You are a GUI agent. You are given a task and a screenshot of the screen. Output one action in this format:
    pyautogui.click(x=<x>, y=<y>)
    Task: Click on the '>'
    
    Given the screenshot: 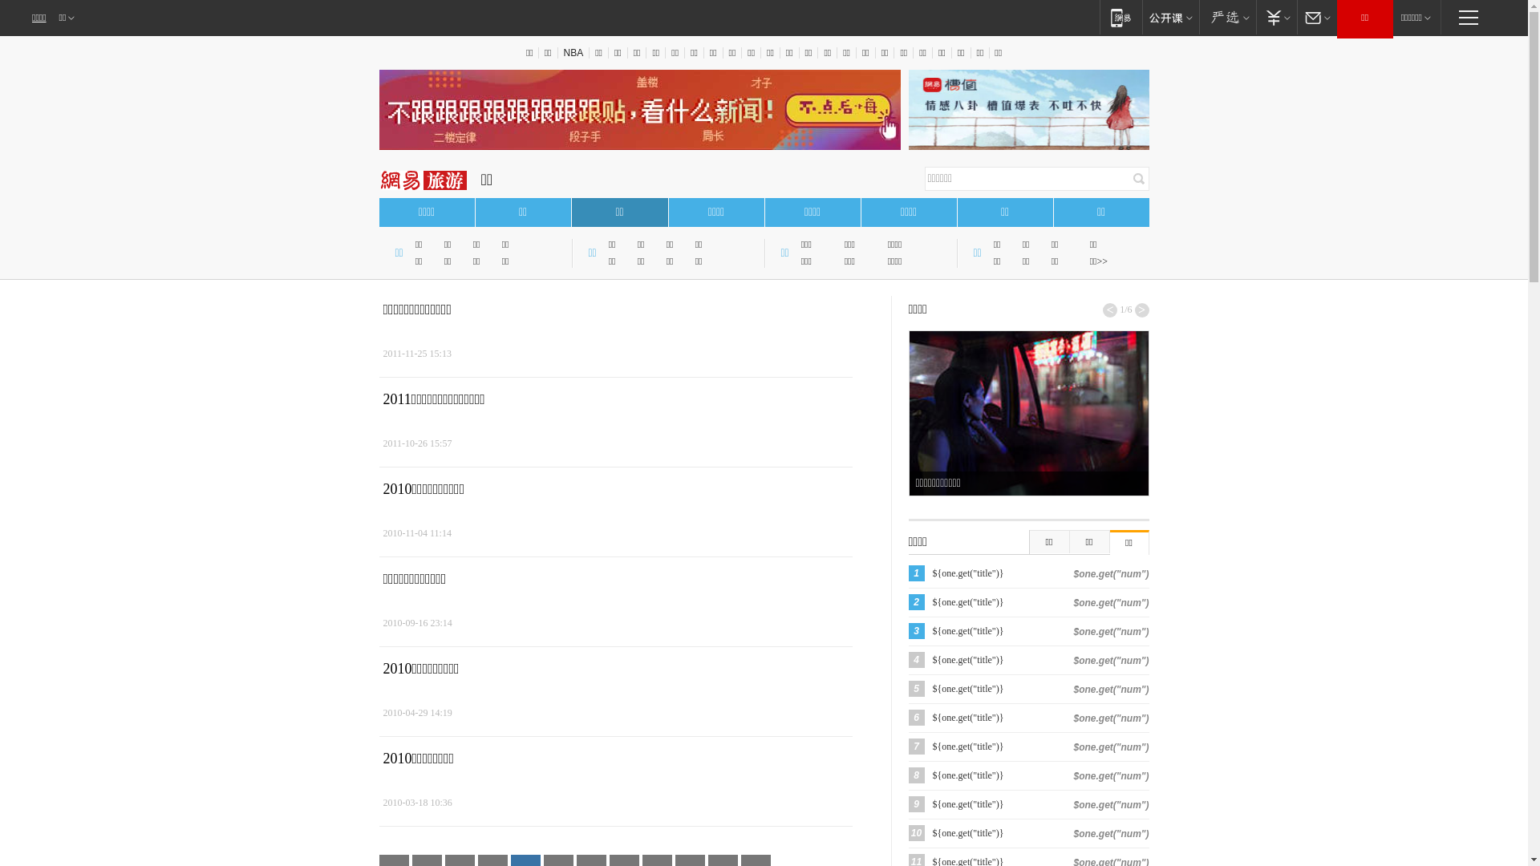 What is the action you would take?
    pyautogui.click(x=1140, y=310)
    